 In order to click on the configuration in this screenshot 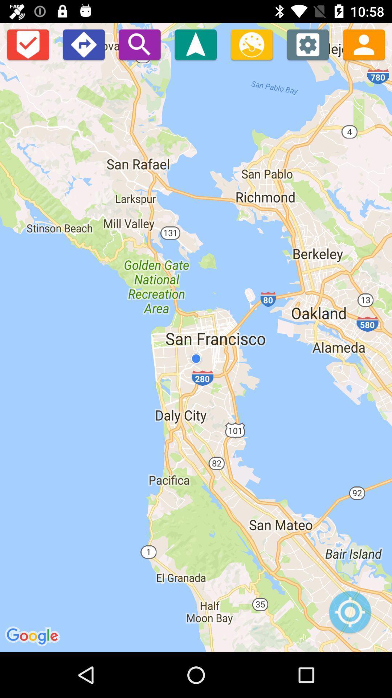, I will do `click(308, 44)`.